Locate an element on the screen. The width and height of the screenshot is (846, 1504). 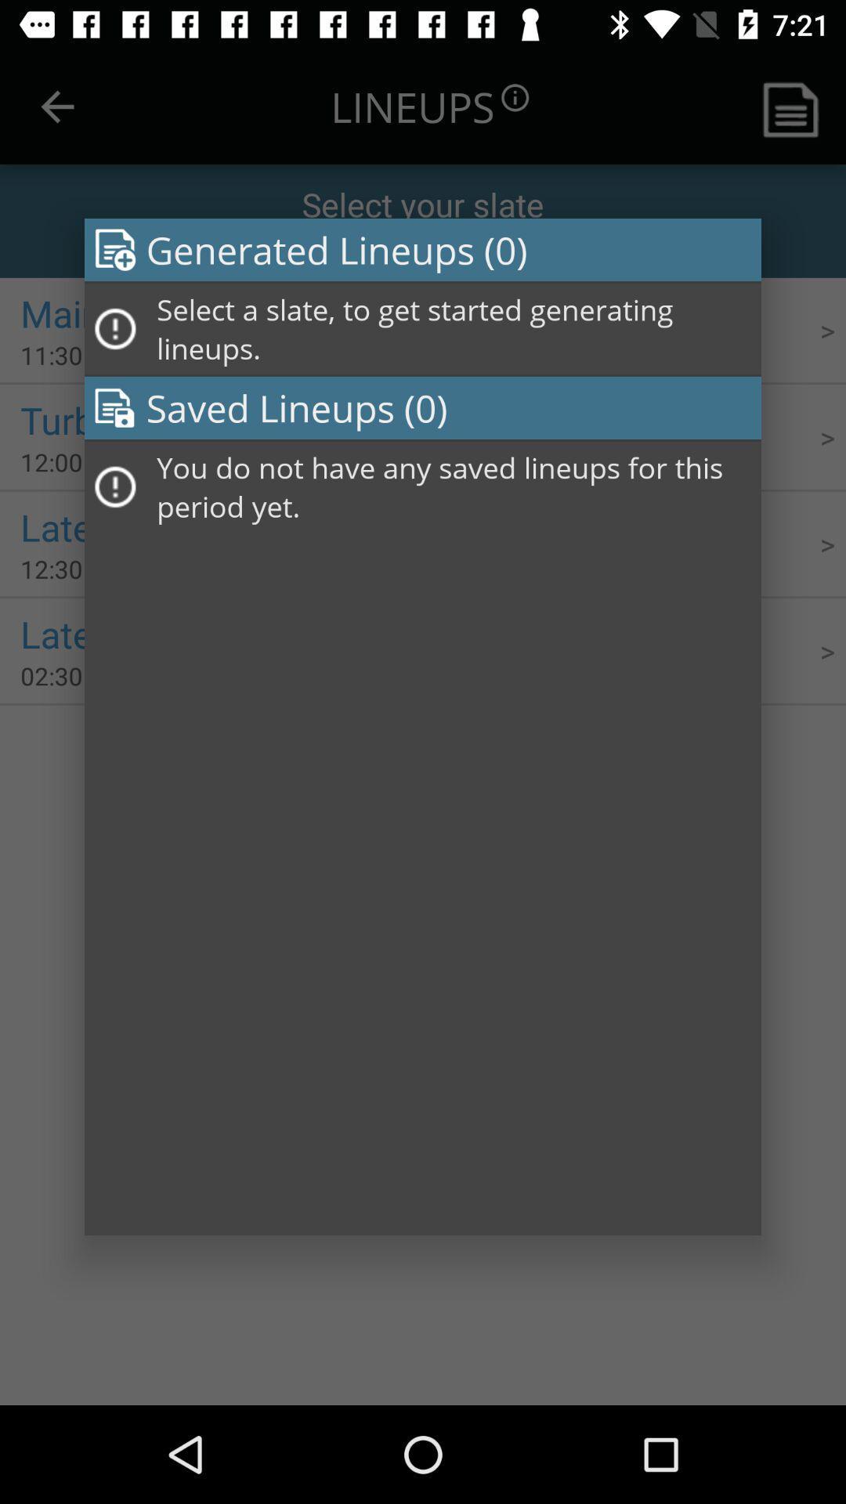
select a slate icon is located at coordinates (454, 328).